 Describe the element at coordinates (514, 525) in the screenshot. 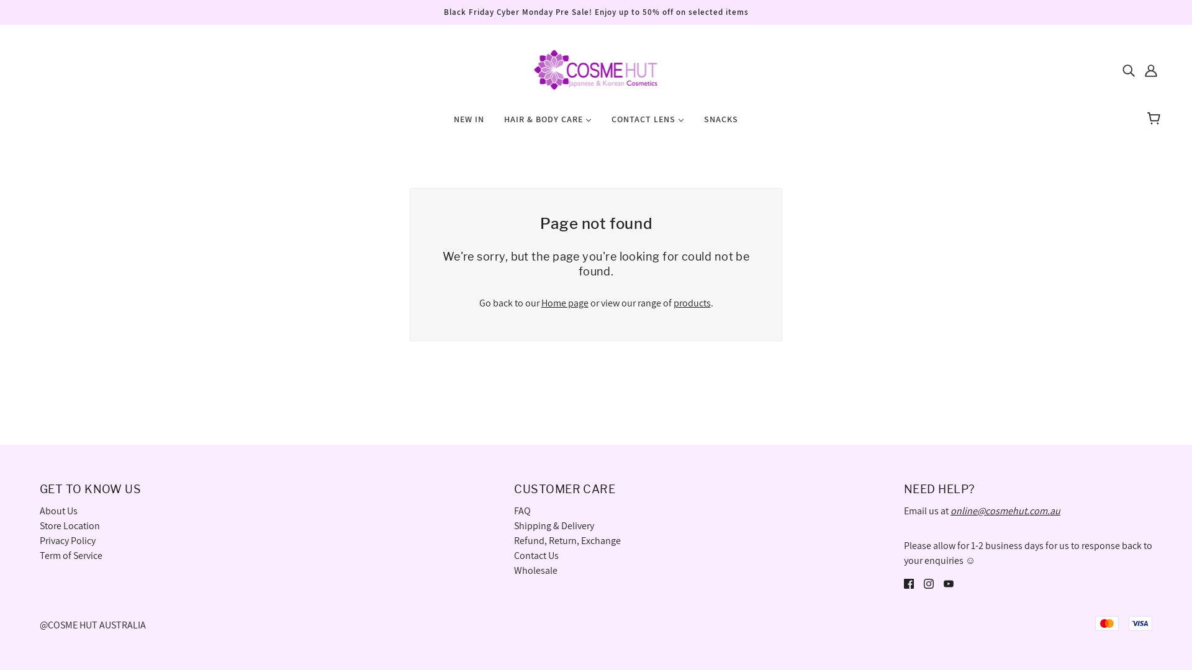

I see `'Shipping & Delivery'` at that location.